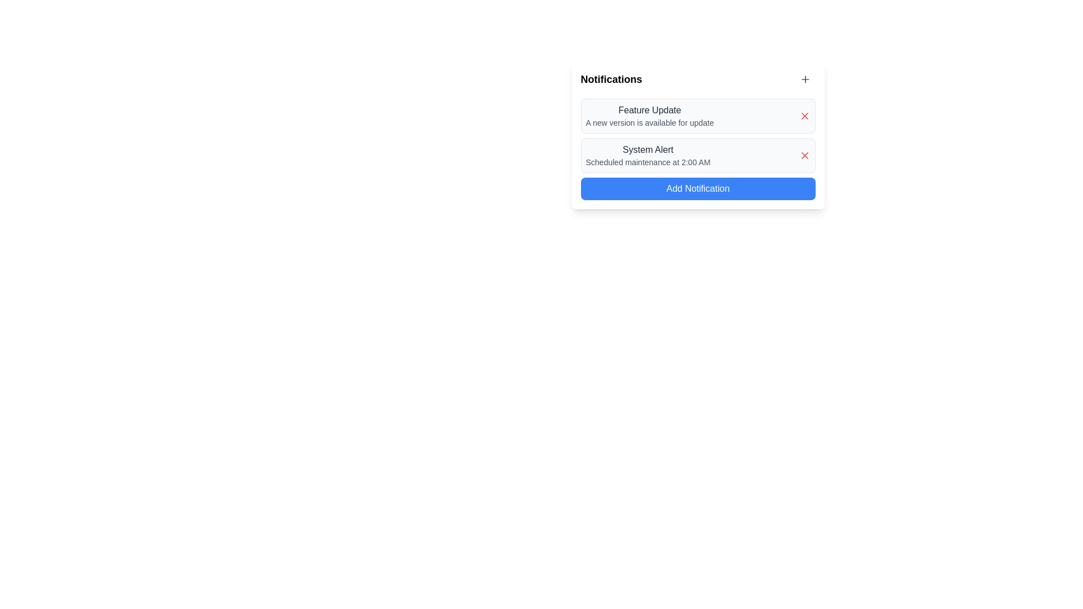 This screenshot has height=609, width=1083. Describe the element at coordinates (804, 116) in the screenshot. I see `the dismiss button located at the far-right end of the 'Feature Update' notification card` at that location.